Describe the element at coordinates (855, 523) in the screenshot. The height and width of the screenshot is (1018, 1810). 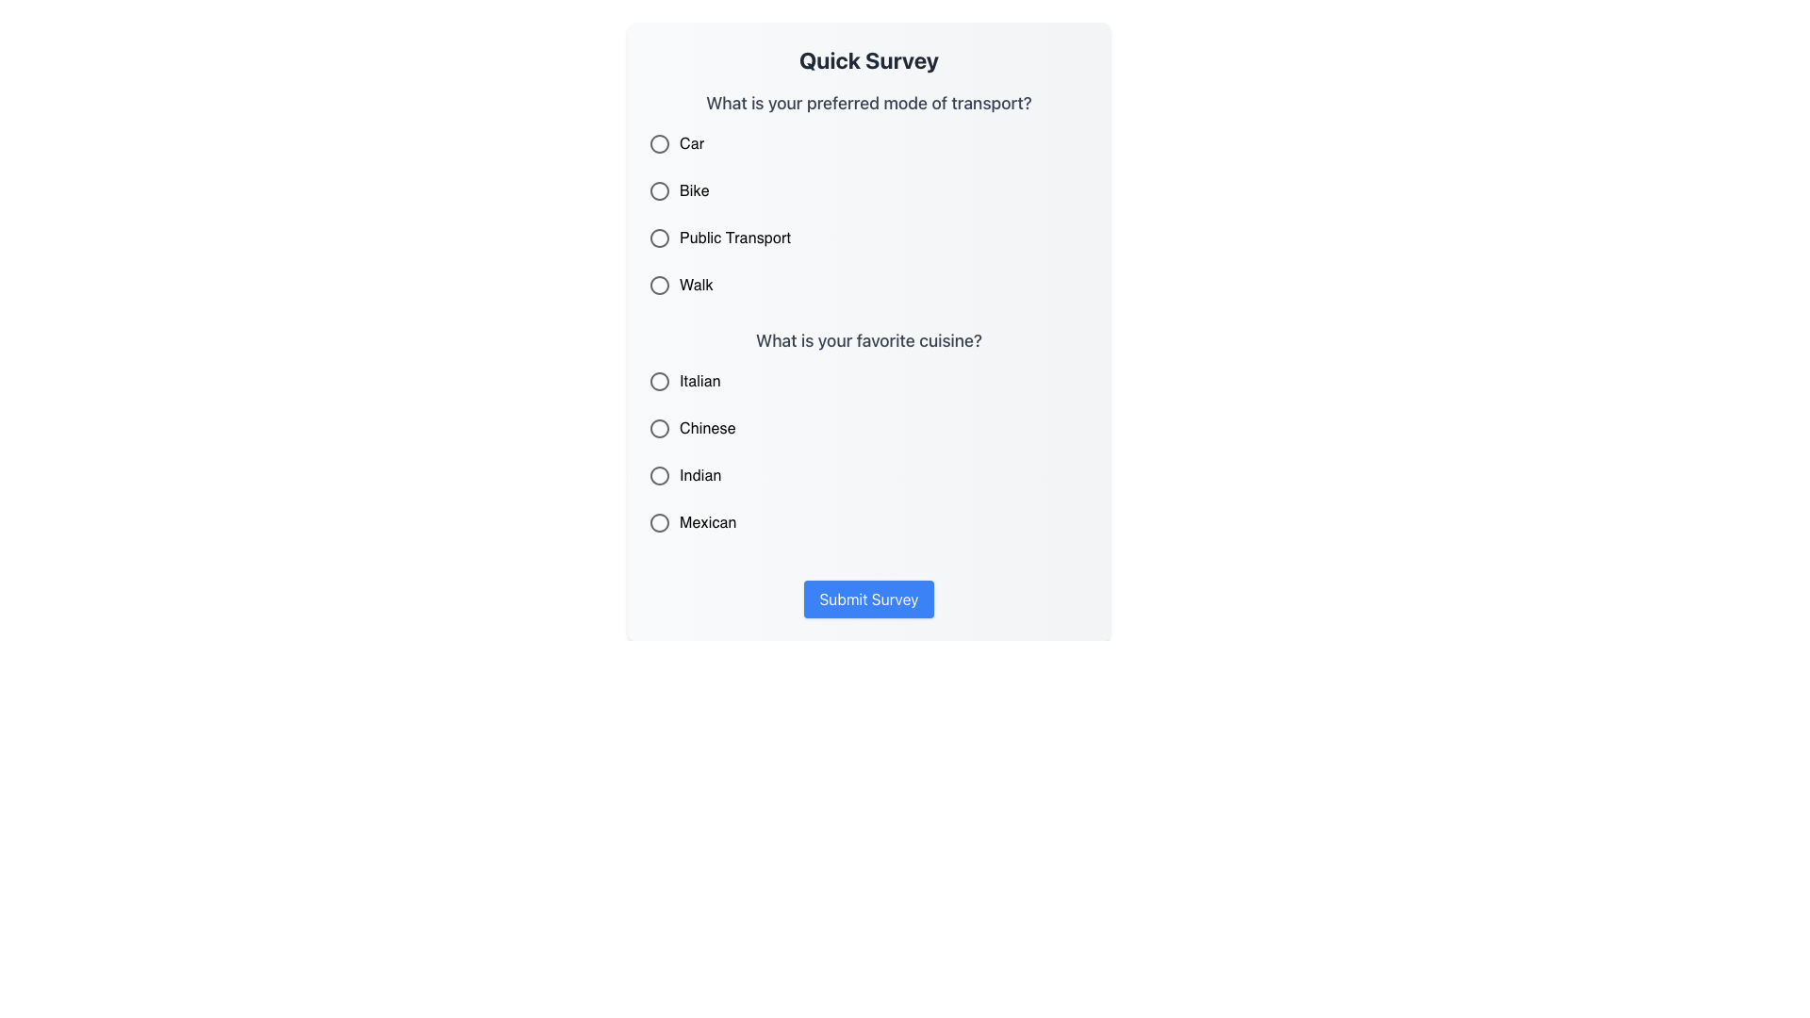
I see `the 'Mexican' radio button option` at that location.